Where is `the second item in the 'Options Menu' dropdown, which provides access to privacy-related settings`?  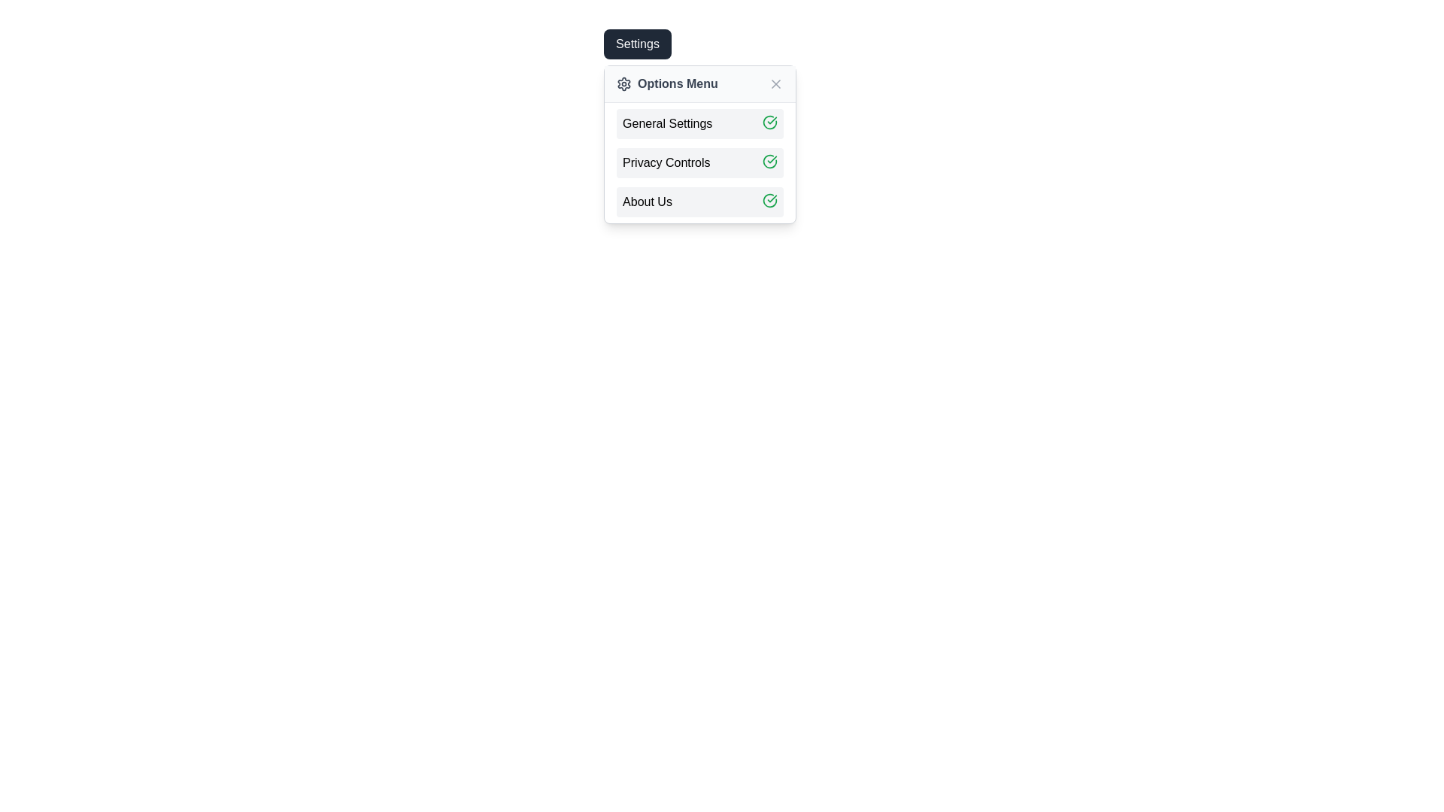
the second item in the 'Options Menu' dropdown, which provides access to privacy-related settings is located at coordinates (699, 162).